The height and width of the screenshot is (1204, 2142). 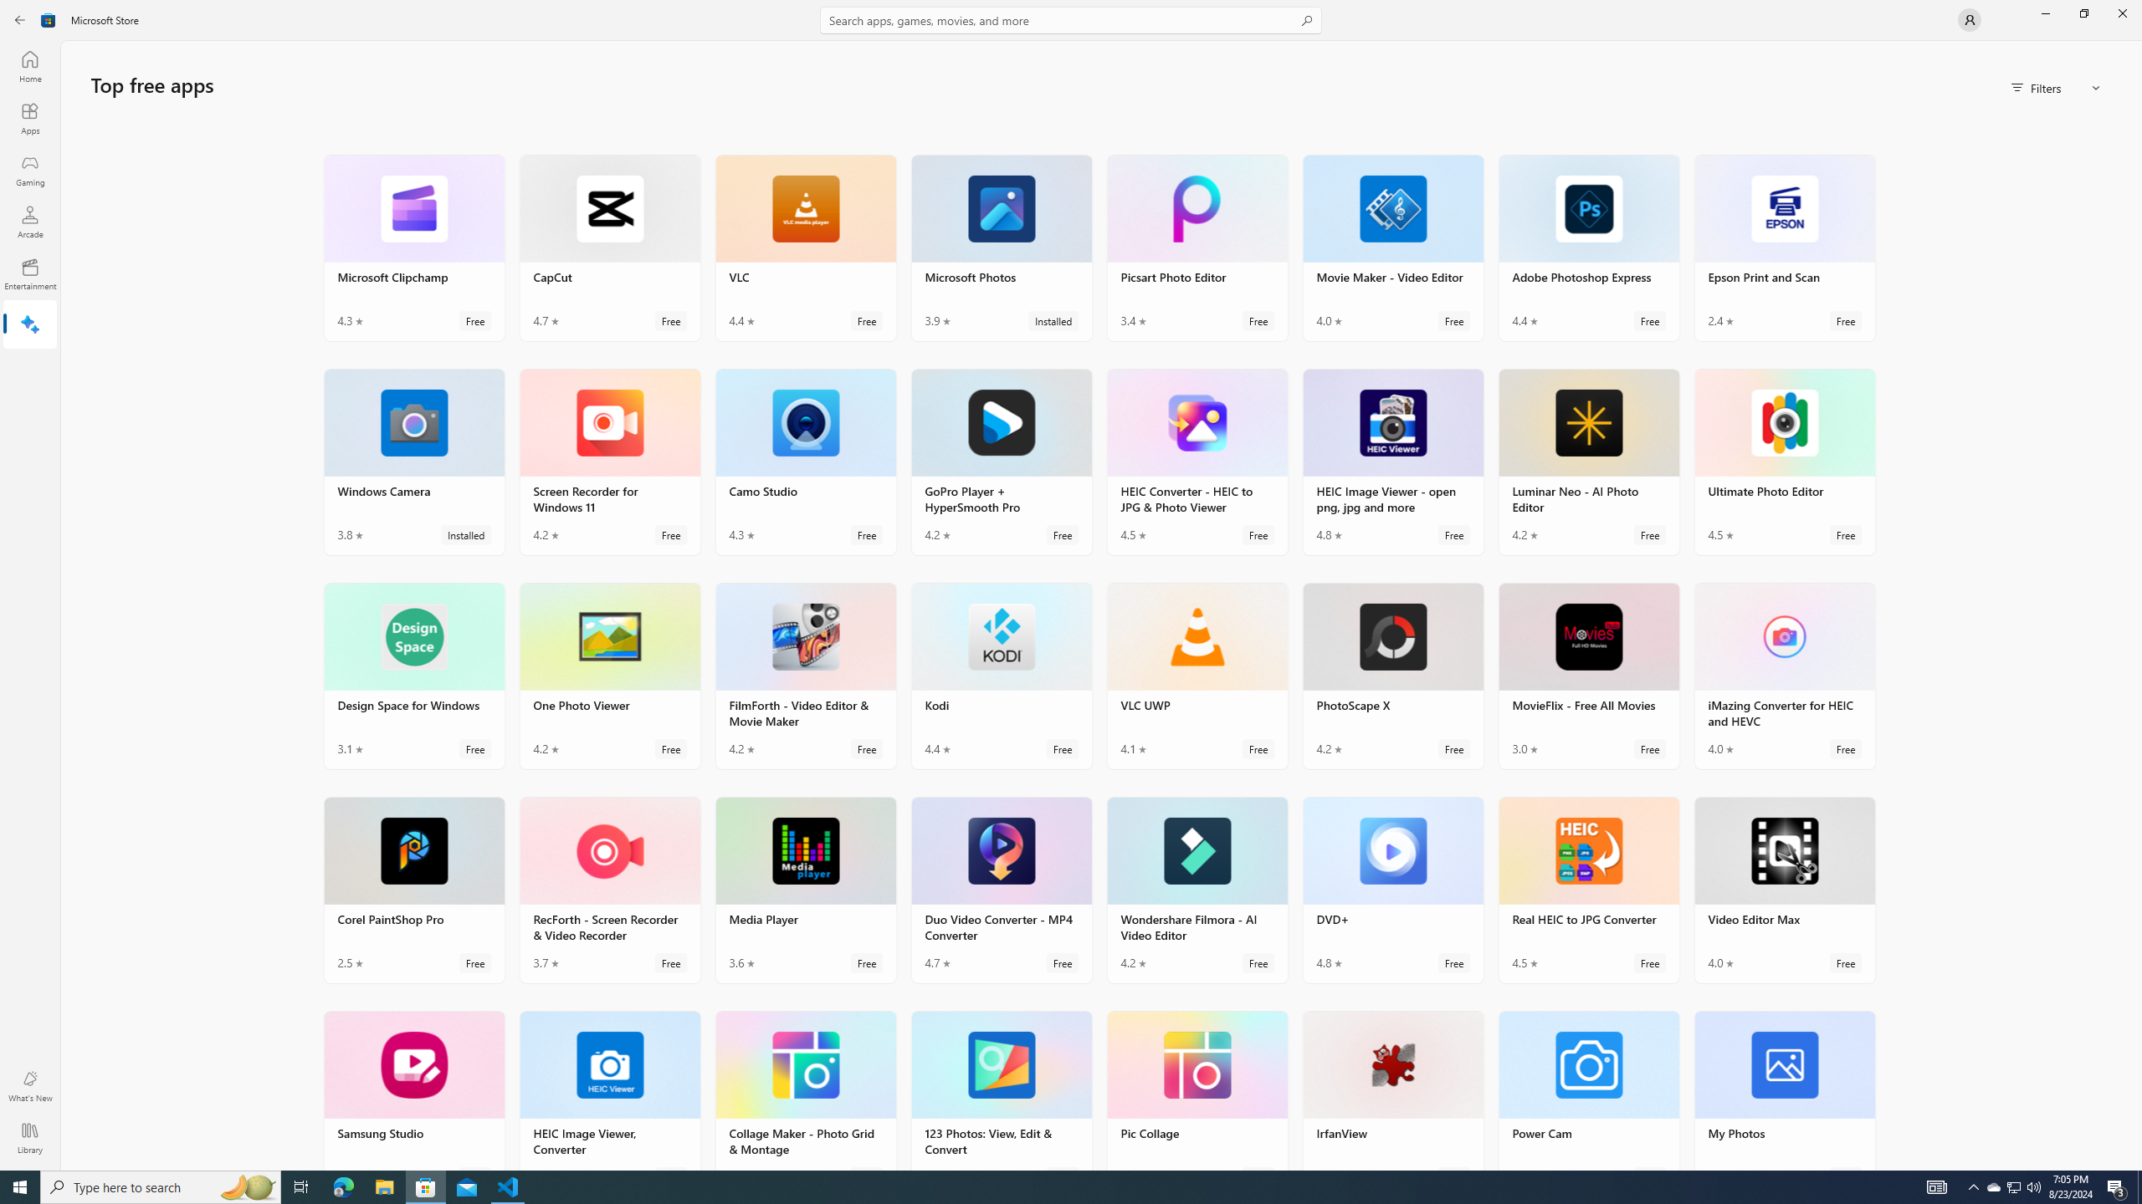 I want to click on 'CapCut. Average rating of 4.7 out of five stars. Free  ', so click(x=608, y=246).